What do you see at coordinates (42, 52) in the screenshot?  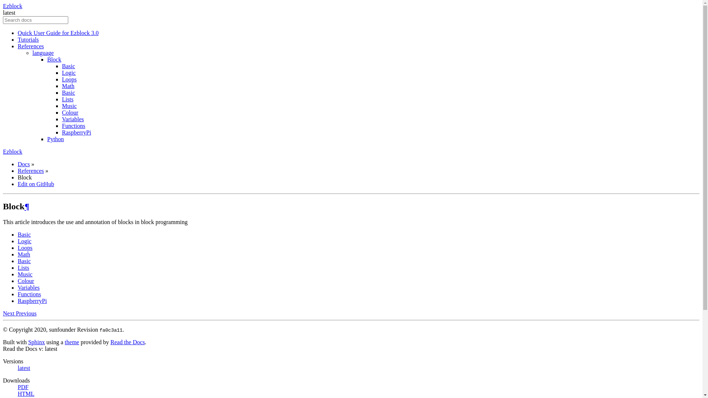 I see `'language'` at bounding box center [42, 52].